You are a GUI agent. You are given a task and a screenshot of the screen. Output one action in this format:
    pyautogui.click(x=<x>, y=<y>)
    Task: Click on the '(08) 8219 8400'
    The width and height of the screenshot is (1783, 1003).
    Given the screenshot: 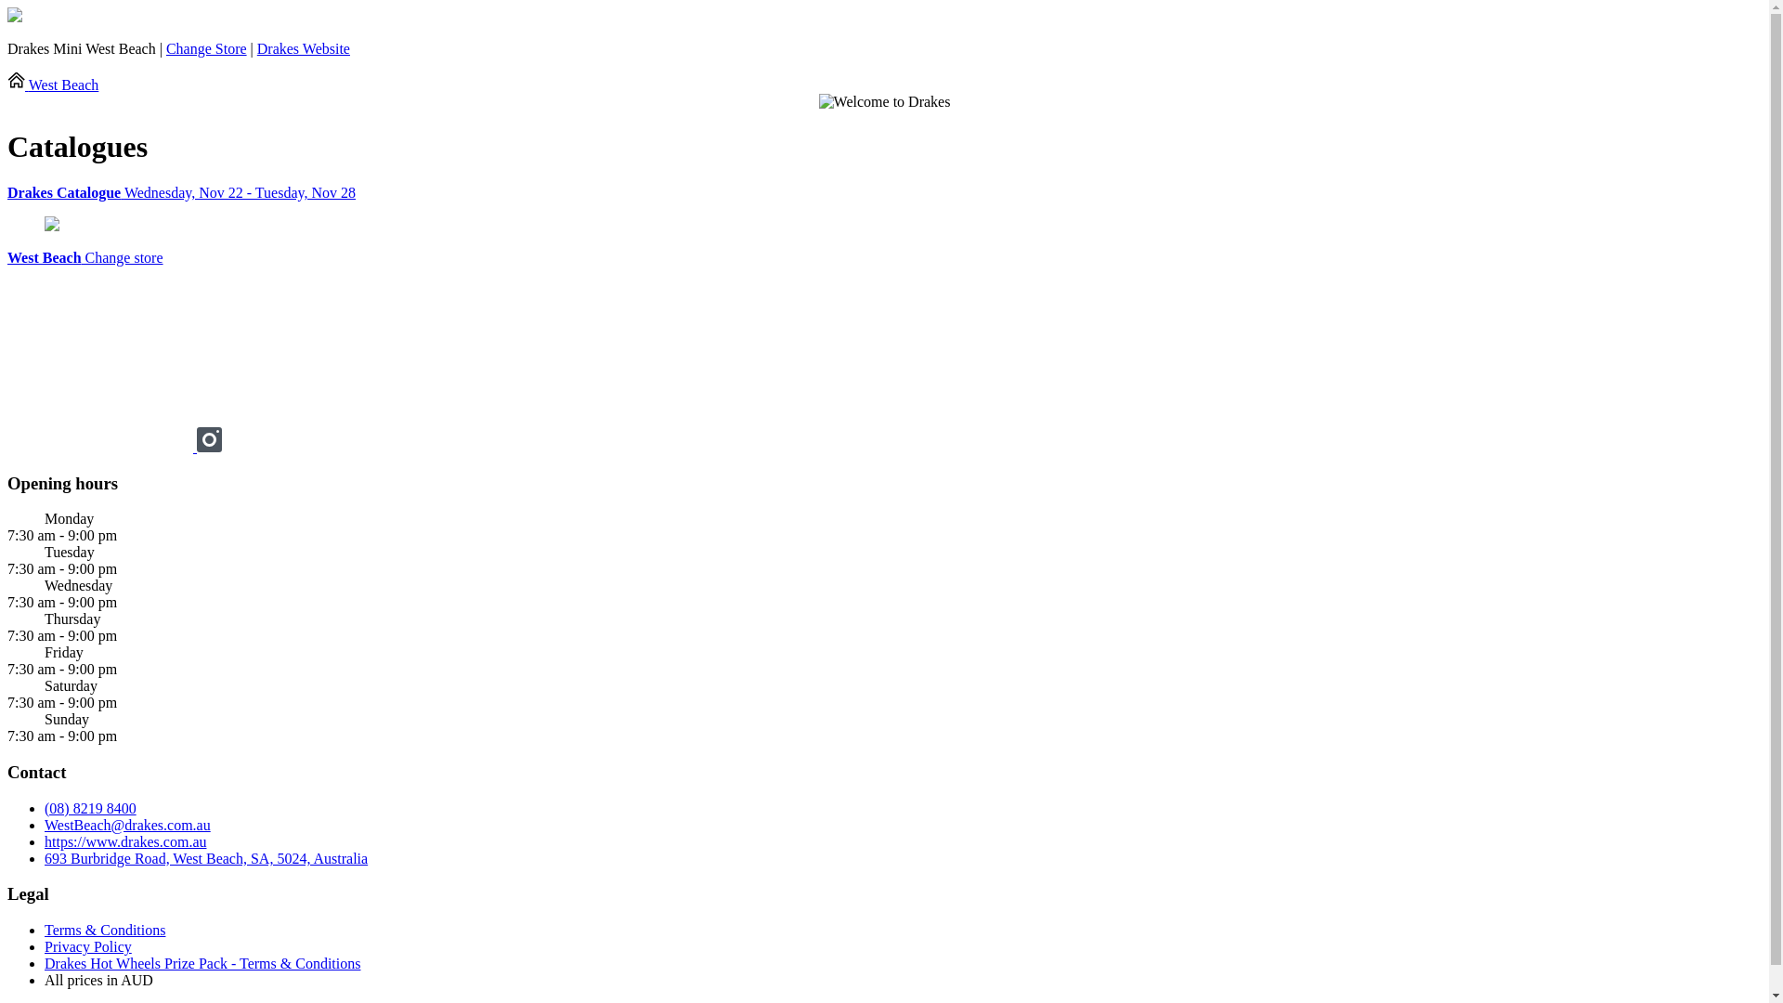 What is the action you would take?
    pyautogui.click(x=89, y=807)
    